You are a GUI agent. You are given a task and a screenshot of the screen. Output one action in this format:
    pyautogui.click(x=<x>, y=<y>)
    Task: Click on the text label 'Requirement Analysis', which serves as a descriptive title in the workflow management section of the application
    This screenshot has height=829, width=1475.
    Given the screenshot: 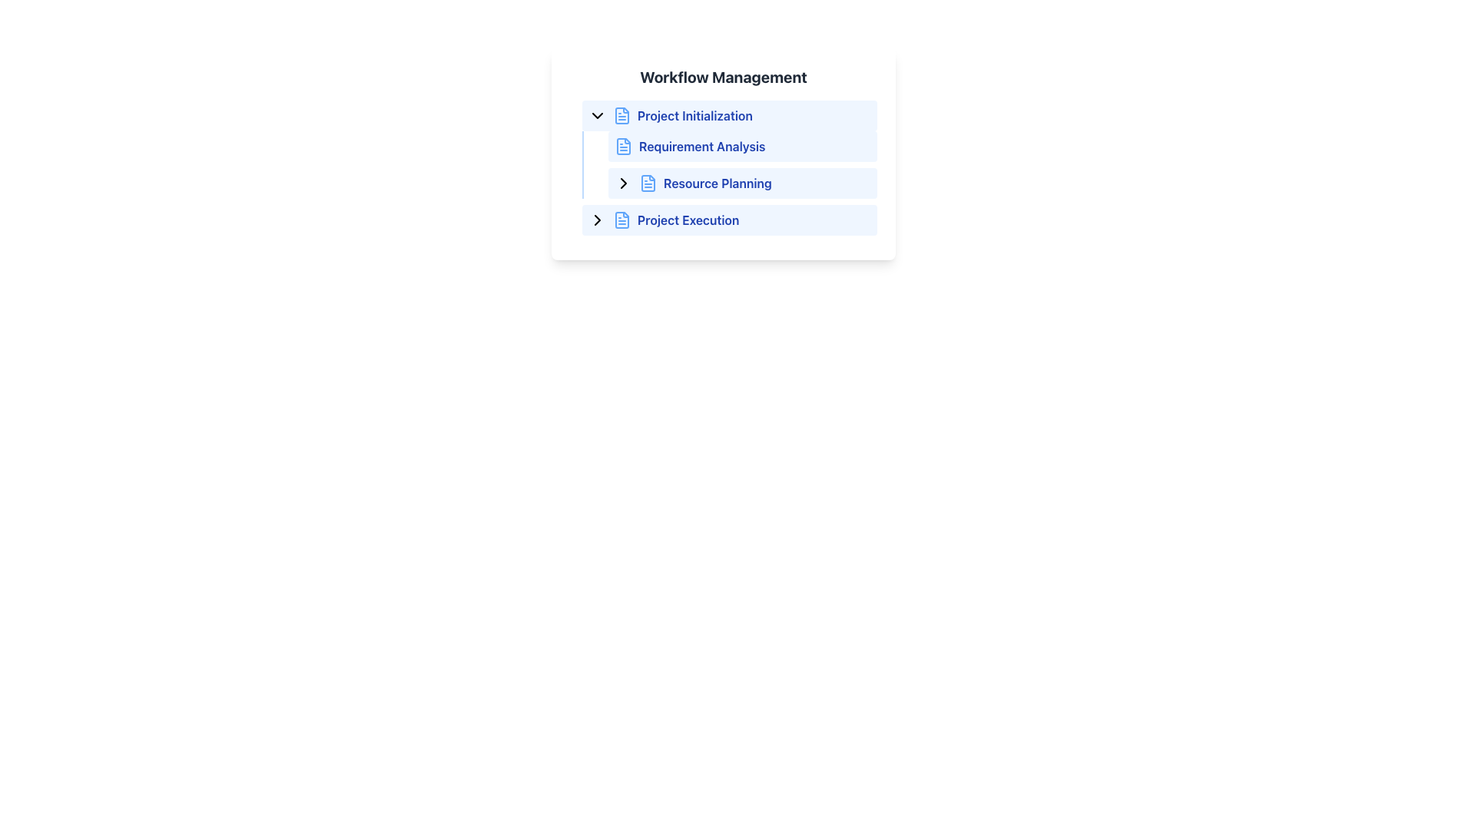 What is the action you would take?
    pyautogui.click(x=701, y=147)
    